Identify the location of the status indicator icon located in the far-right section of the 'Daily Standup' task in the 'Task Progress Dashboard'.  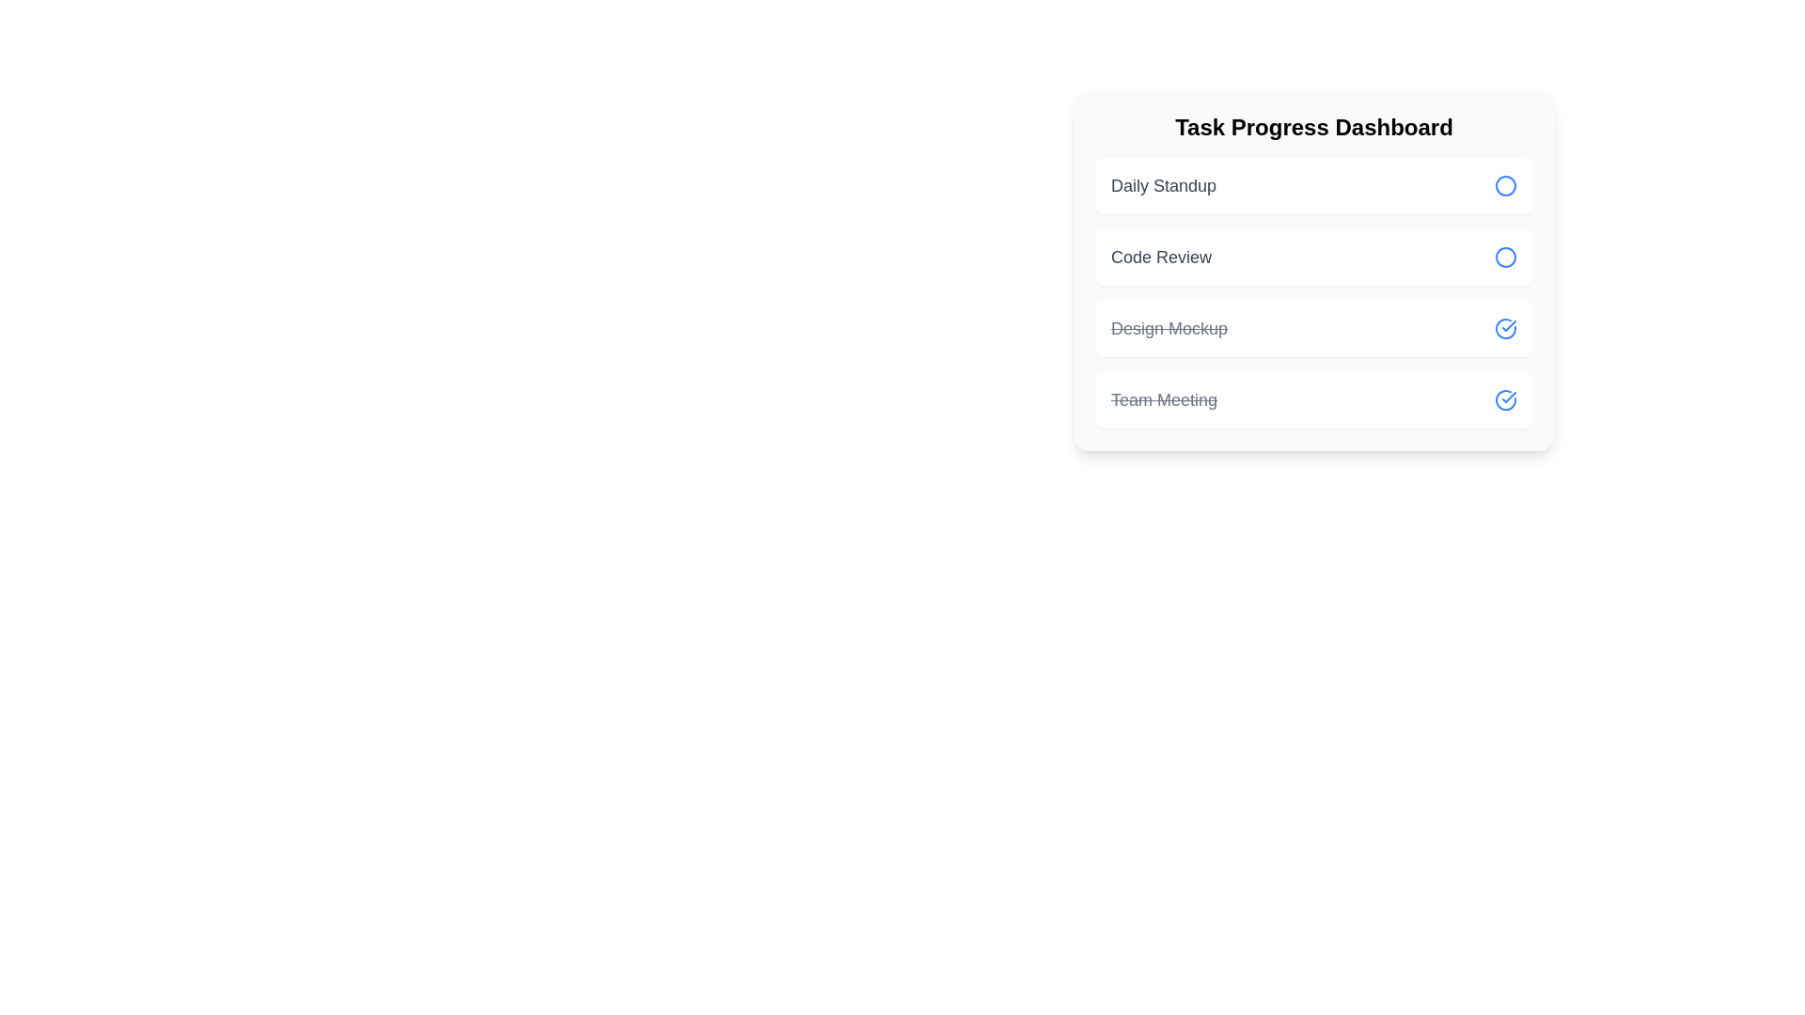
(1506, 185).